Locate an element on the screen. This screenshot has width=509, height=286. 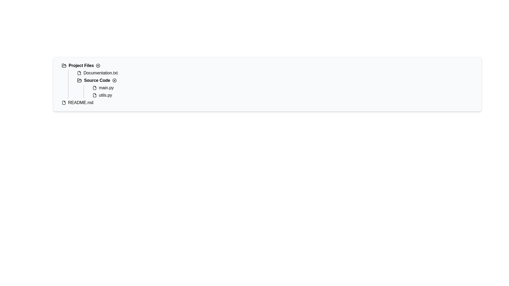
the 'README.md' text label in the file tree UI is located at coordinates (80, 103).